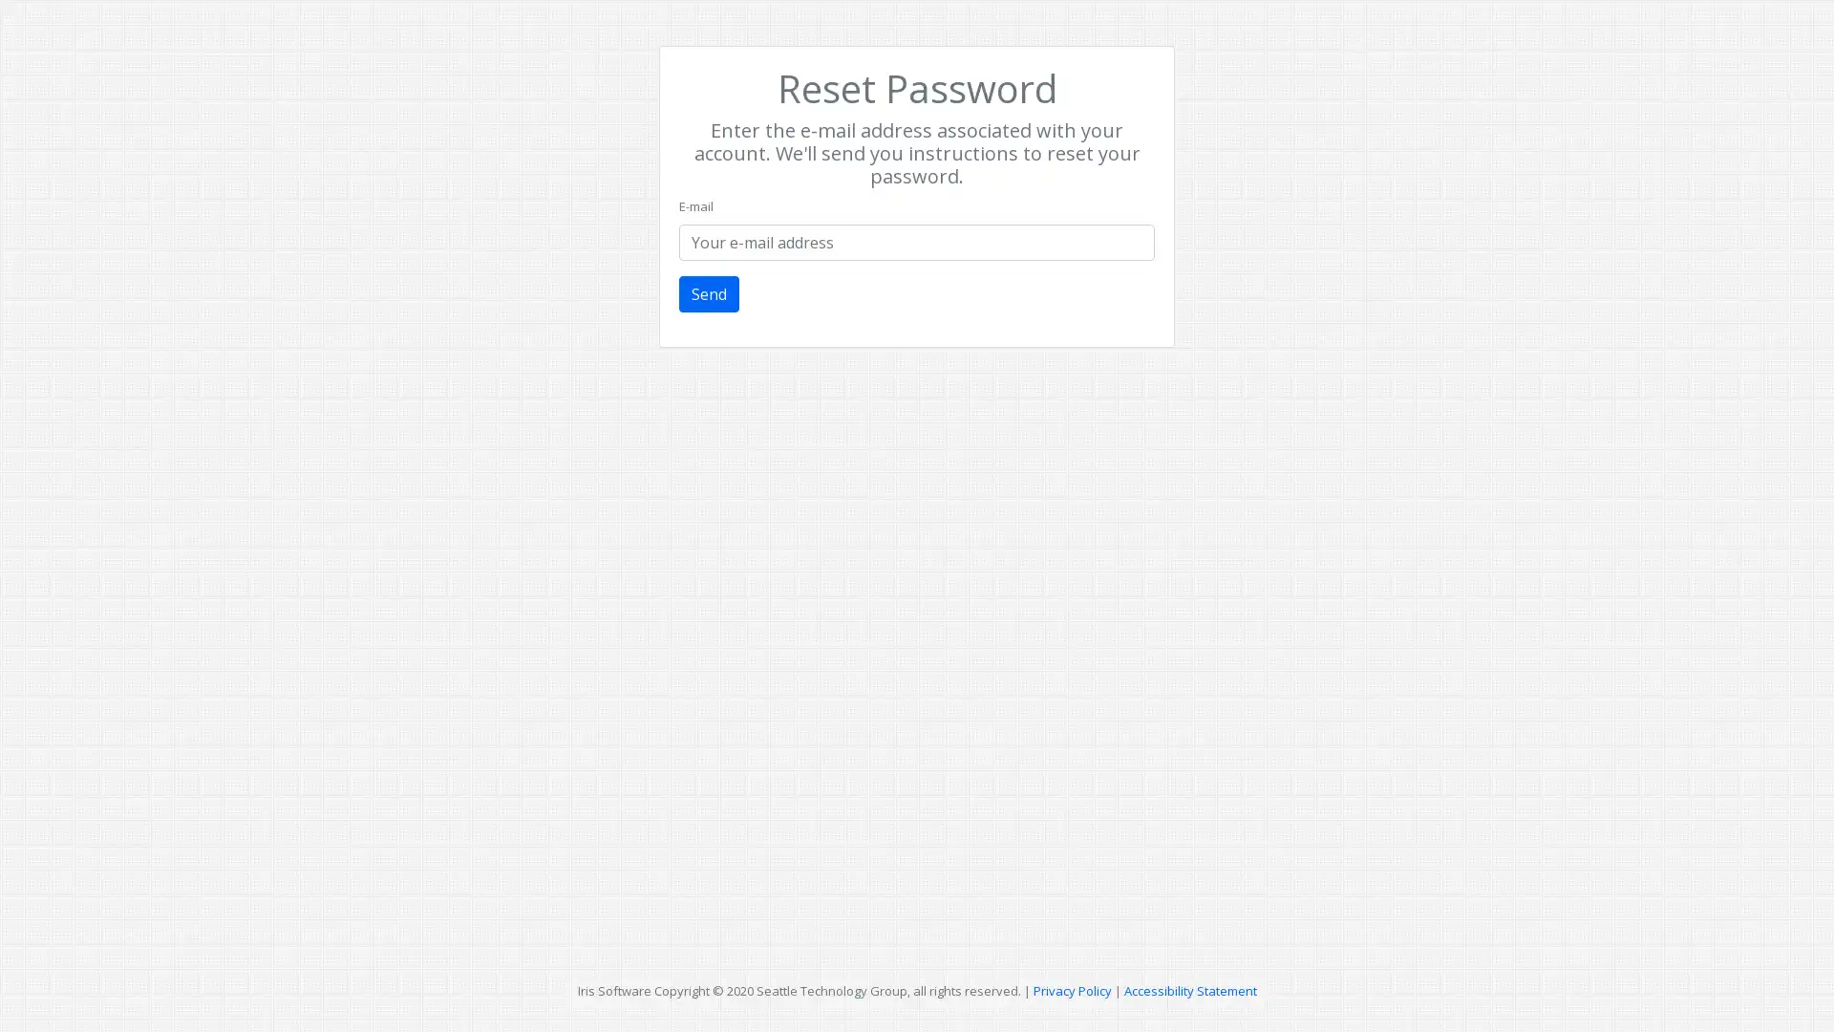 The image size is (1834, 1032). What do you see at coordinates (708, 294) in the screenshot?
I see `Send` at bounding box center [708, 294].